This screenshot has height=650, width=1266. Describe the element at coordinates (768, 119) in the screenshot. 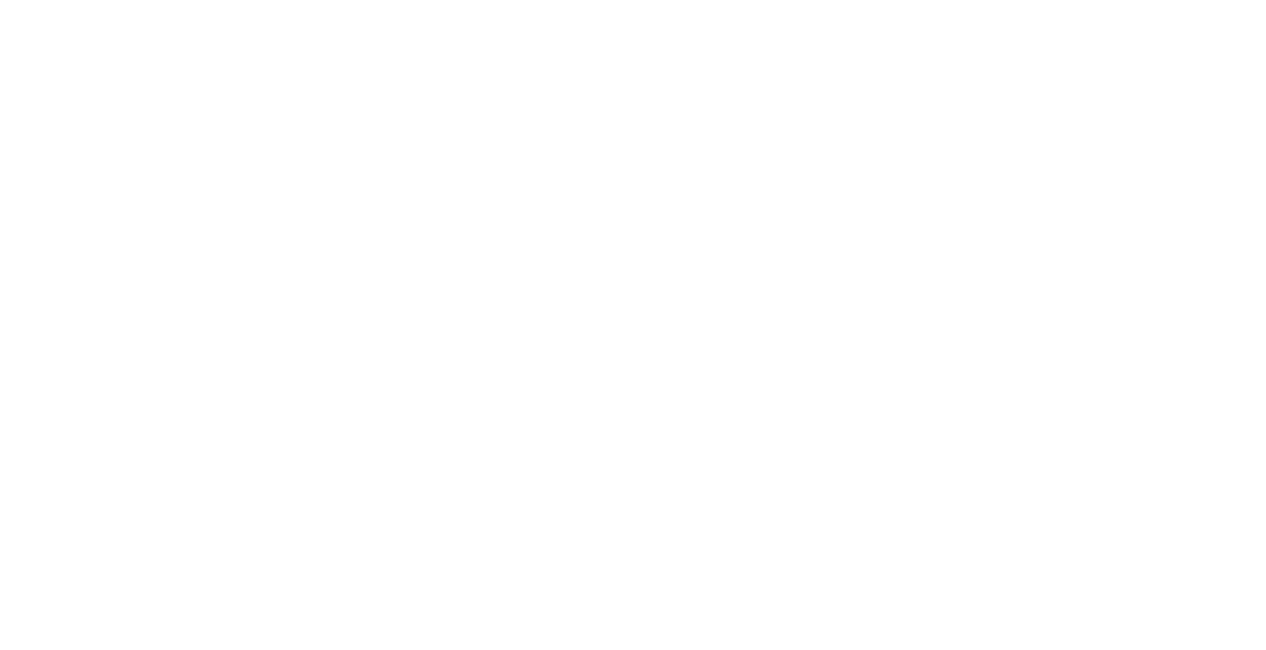

I see `'Stories'` at that location.